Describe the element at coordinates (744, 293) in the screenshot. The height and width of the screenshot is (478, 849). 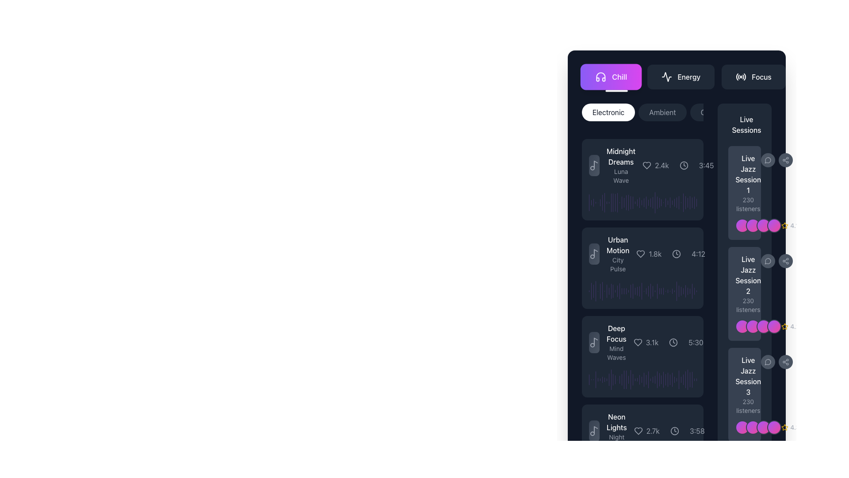
I see `the second Informational card about the live jazz session` at that location.